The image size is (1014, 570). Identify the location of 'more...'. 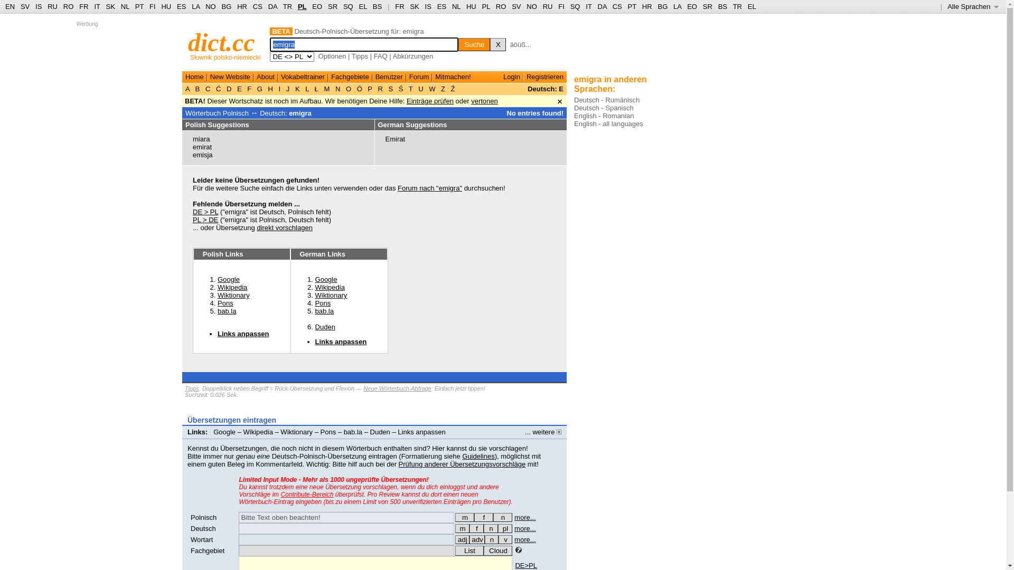
(524, 539).